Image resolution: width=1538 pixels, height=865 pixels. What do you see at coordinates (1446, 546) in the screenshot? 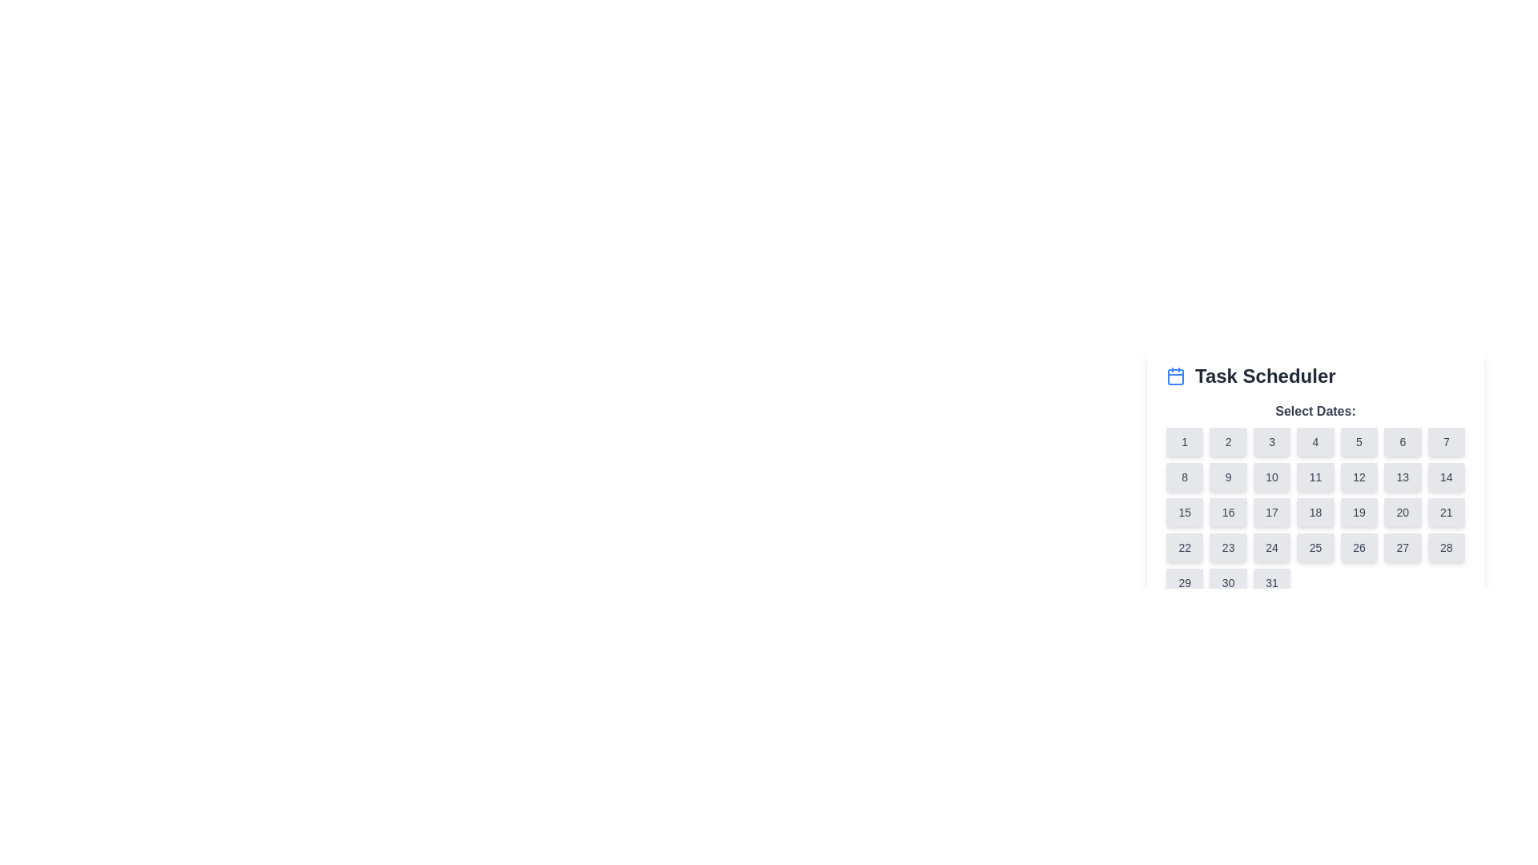
I see `the button displaying the number '28', which is styled as a rounded rectangular box with a light gray background and medium gray font` at bounding box center [1446, 546].